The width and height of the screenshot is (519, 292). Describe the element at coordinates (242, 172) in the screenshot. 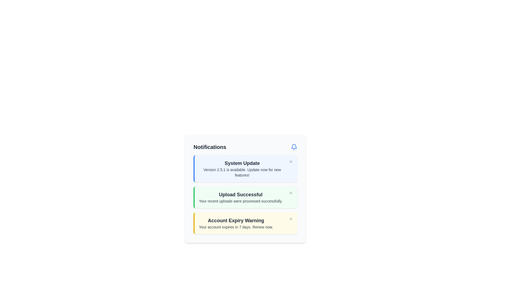

I see `the text label that informs the user about the availability of an updated system version, located in the notification card under the header 'System Update'` at that location.